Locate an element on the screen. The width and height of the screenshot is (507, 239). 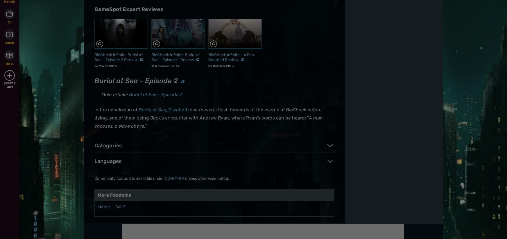
'Take your favorite fandoms with you and never miss a beat.' is located at coordinates (368, 14).